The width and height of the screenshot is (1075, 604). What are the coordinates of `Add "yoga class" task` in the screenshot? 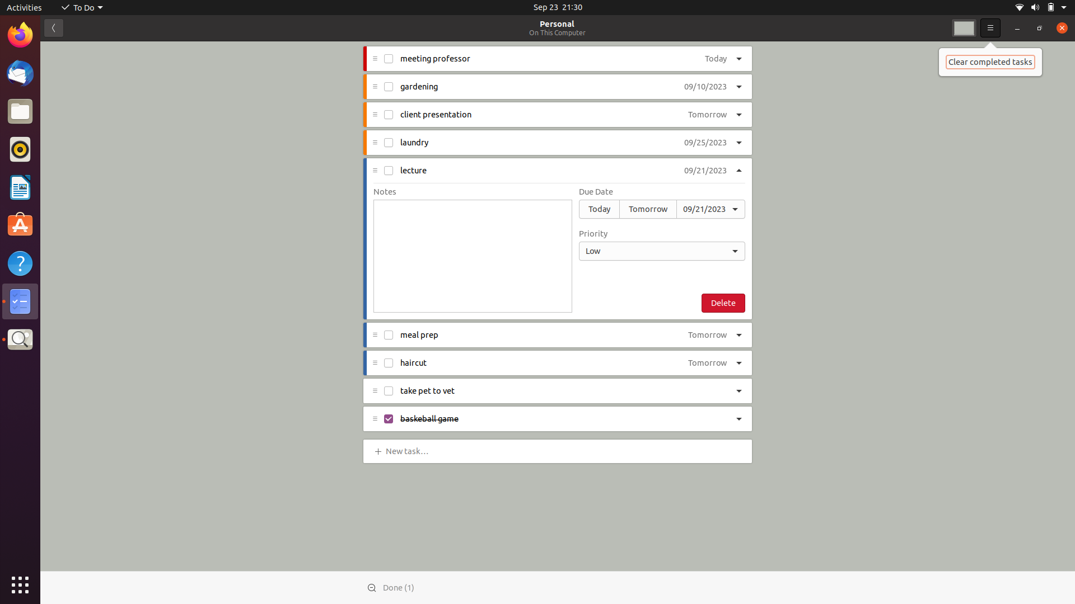 It's located at (409, 450).